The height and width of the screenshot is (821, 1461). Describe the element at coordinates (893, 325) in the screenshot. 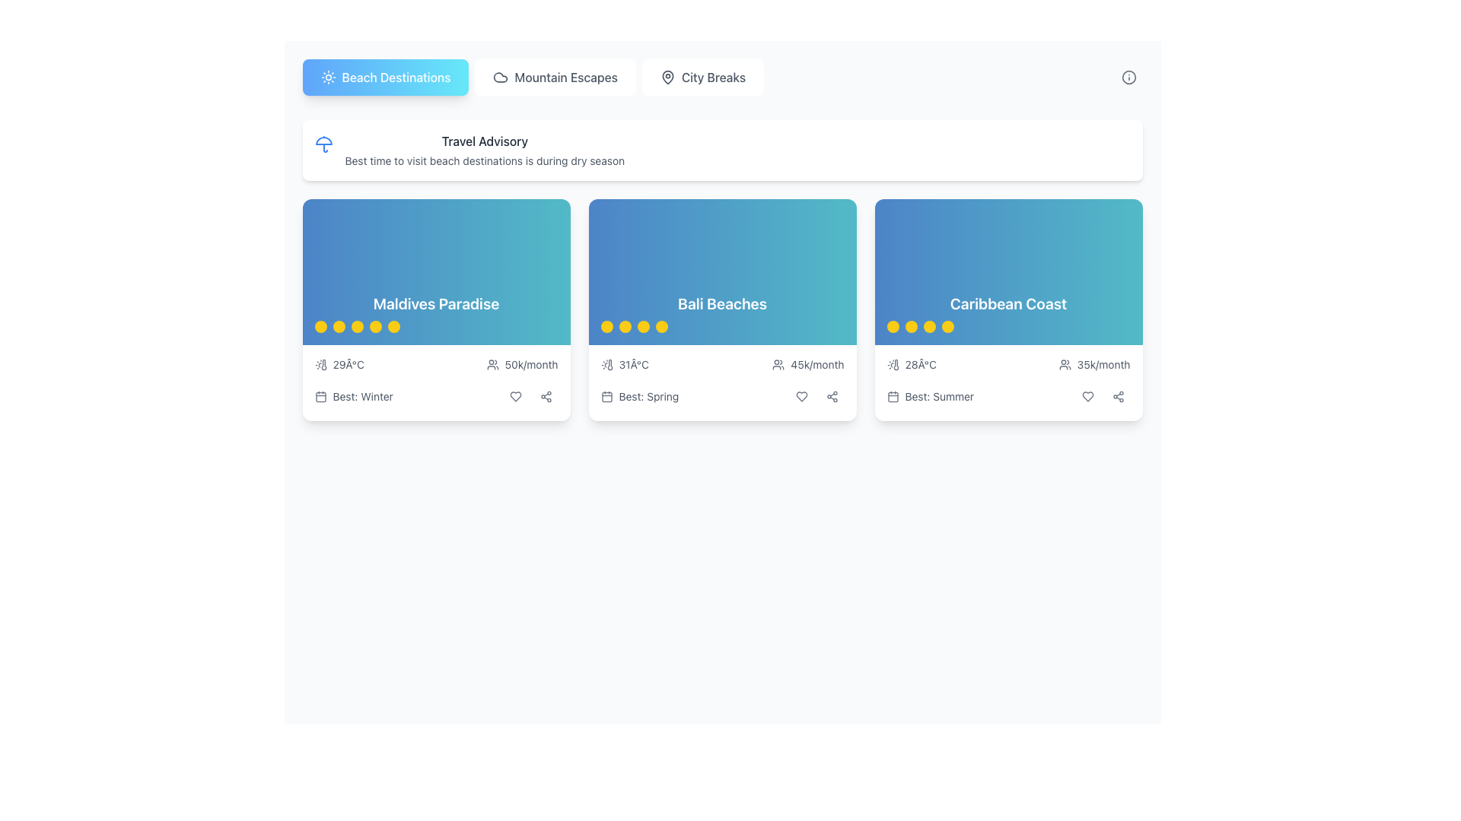

I see `the first circular indicator with a yellow background in the rating section below the 'Caribbean Coast' card` at that location.